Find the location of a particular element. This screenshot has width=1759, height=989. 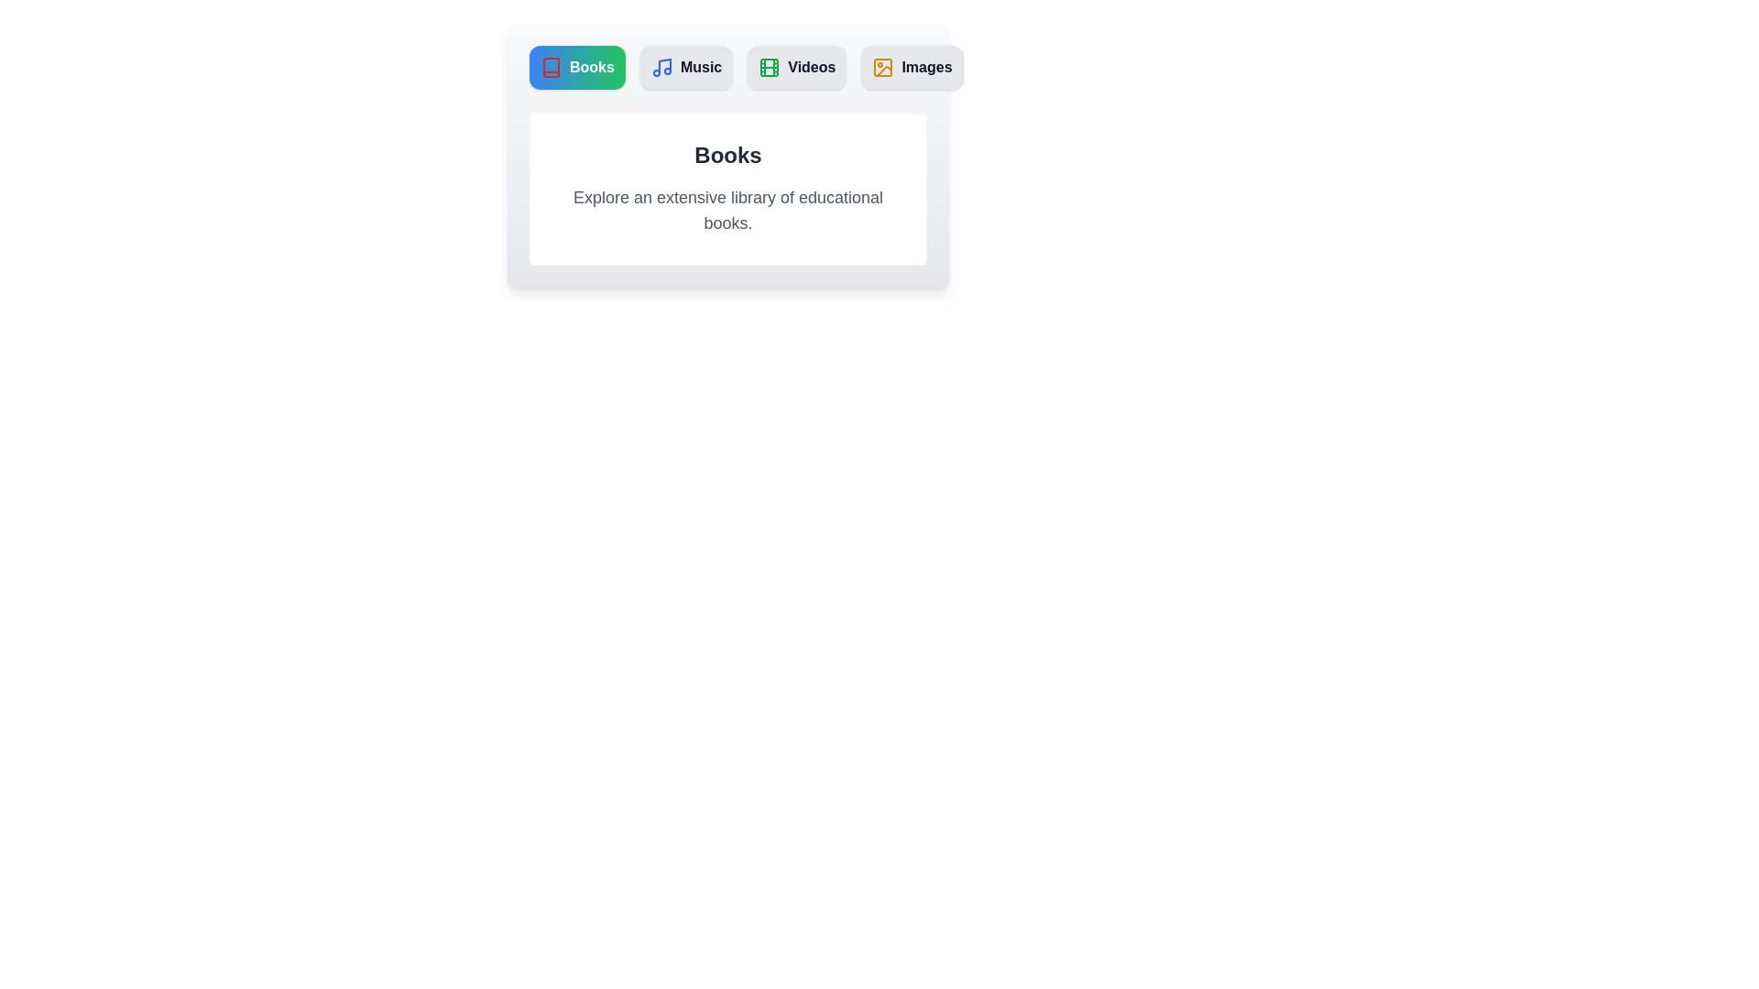

the Music tab to switch to its content is located at coordinates (684, 66).